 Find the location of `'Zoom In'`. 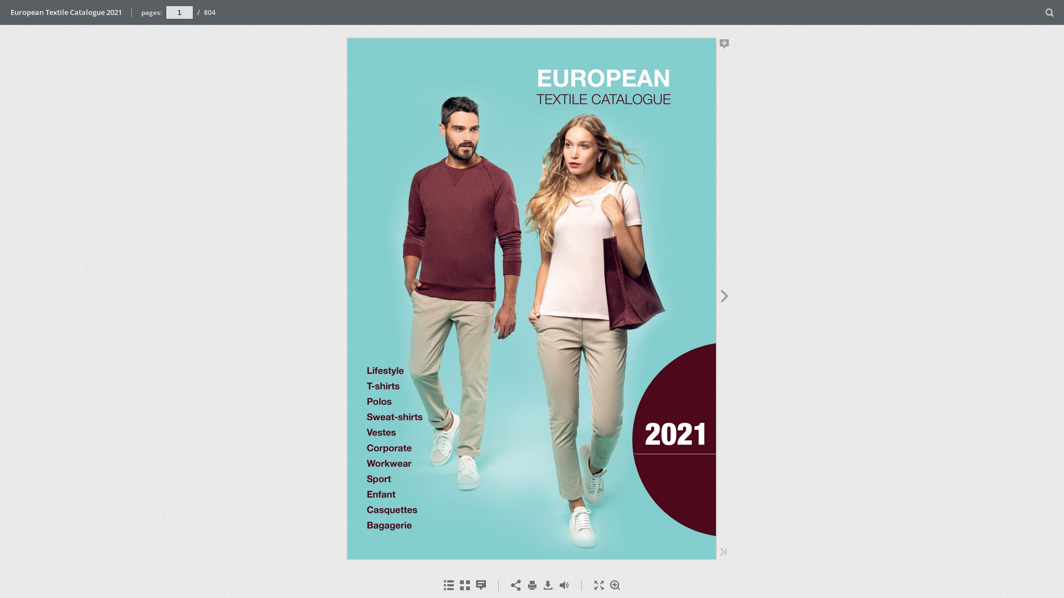

'Zoom In' is located at coordinates (615, 585).